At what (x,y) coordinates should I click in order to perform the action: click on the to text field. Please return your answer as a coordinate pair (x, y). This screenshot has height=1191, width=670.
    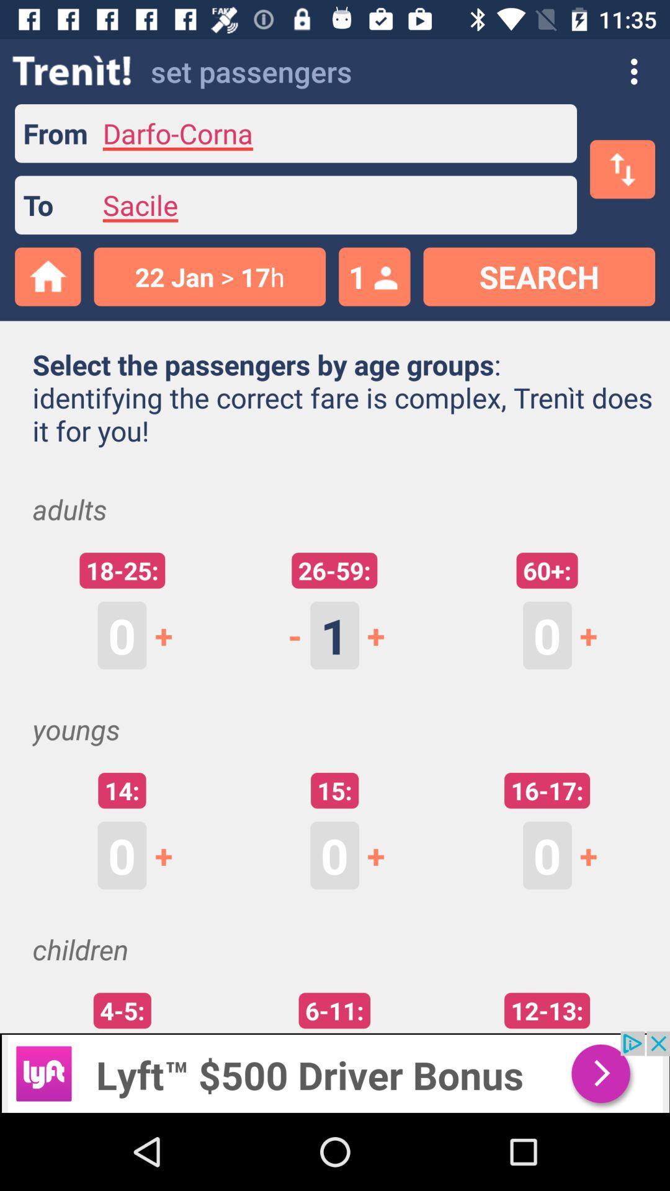
    Looking at the image, I should click on (332, 205).